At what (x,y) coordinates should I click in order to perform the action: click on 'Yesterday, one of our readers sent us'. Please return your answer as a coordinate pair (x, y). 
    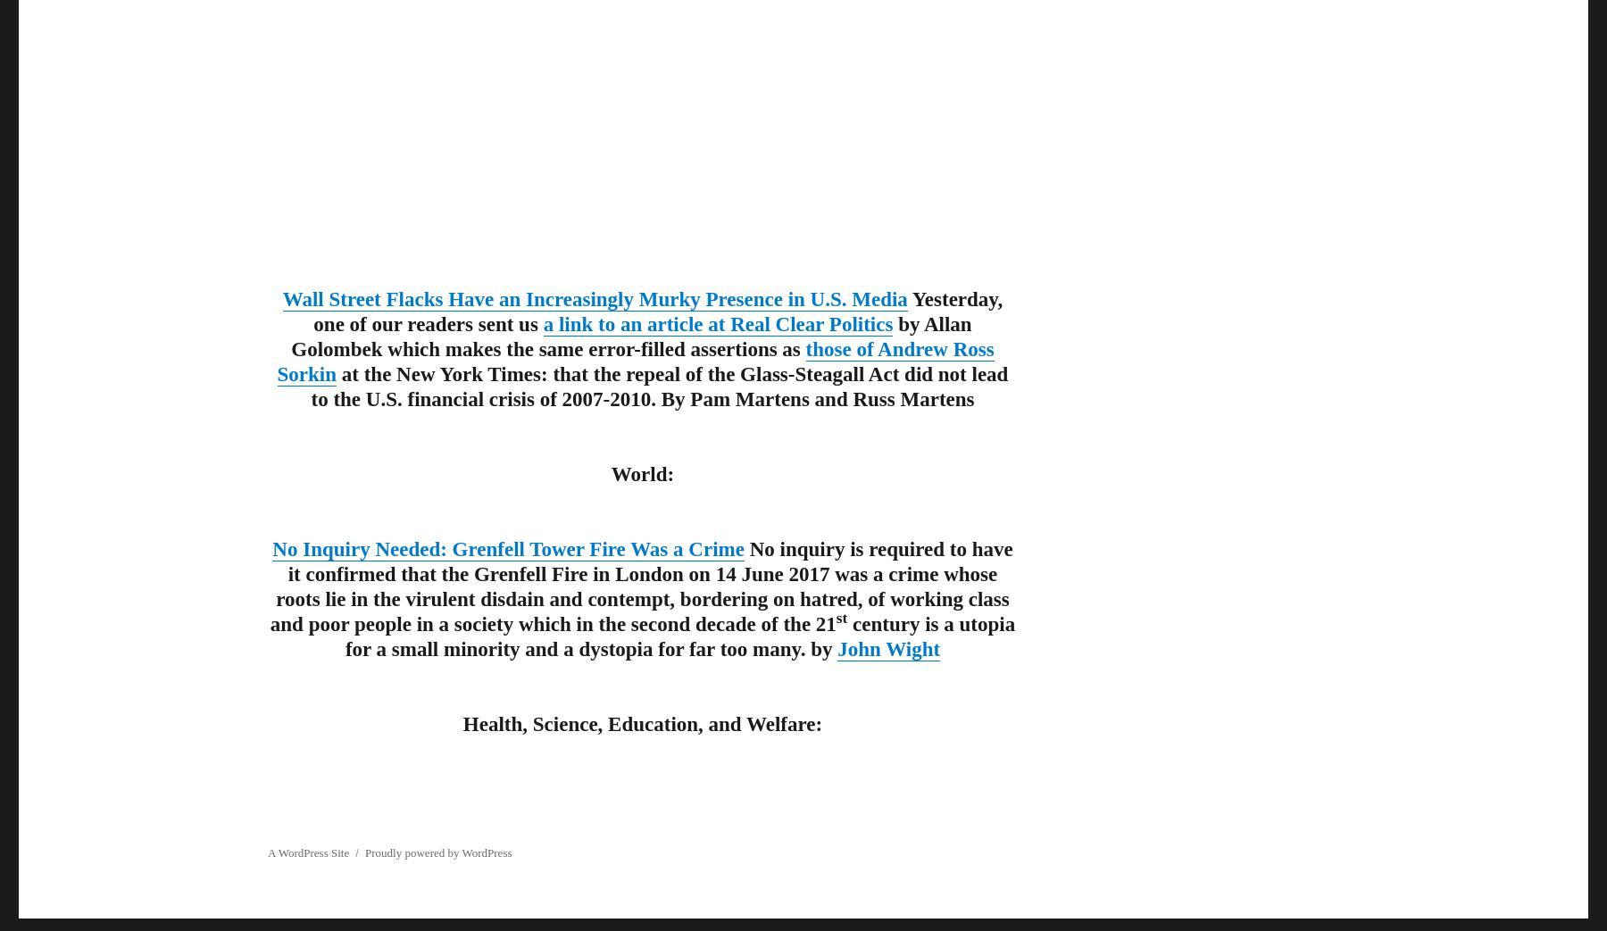
    Looking at the image, I should click on (656, 310).